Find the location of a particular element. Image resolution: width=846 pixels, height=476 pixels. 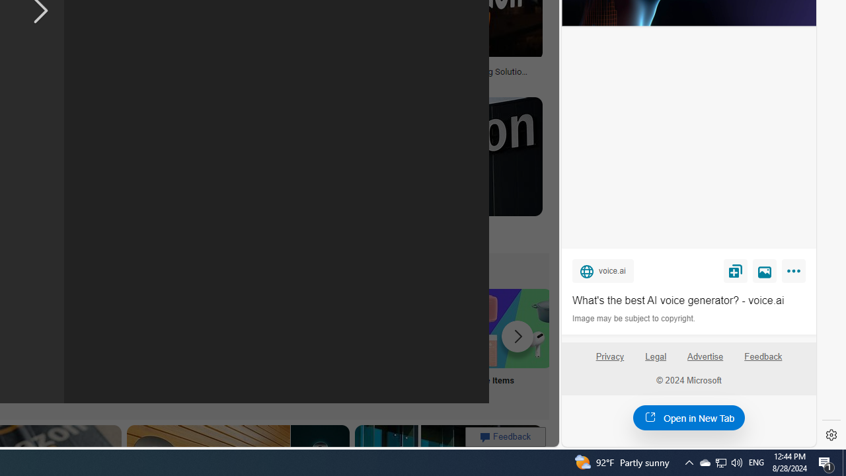

'Privacy' is located at coordinates (609, 362).